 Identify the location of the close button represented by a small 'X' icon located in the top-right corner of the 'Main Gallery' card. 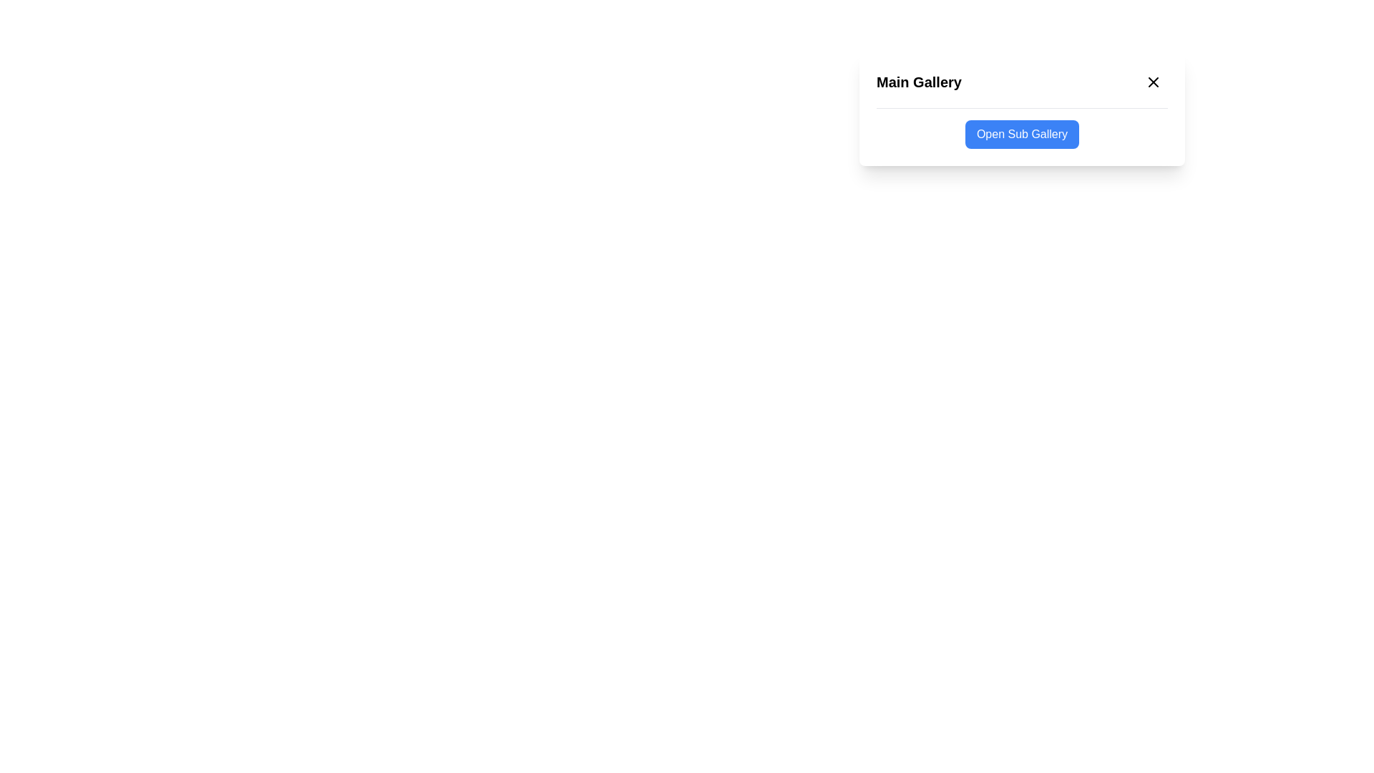
(1154, 82).